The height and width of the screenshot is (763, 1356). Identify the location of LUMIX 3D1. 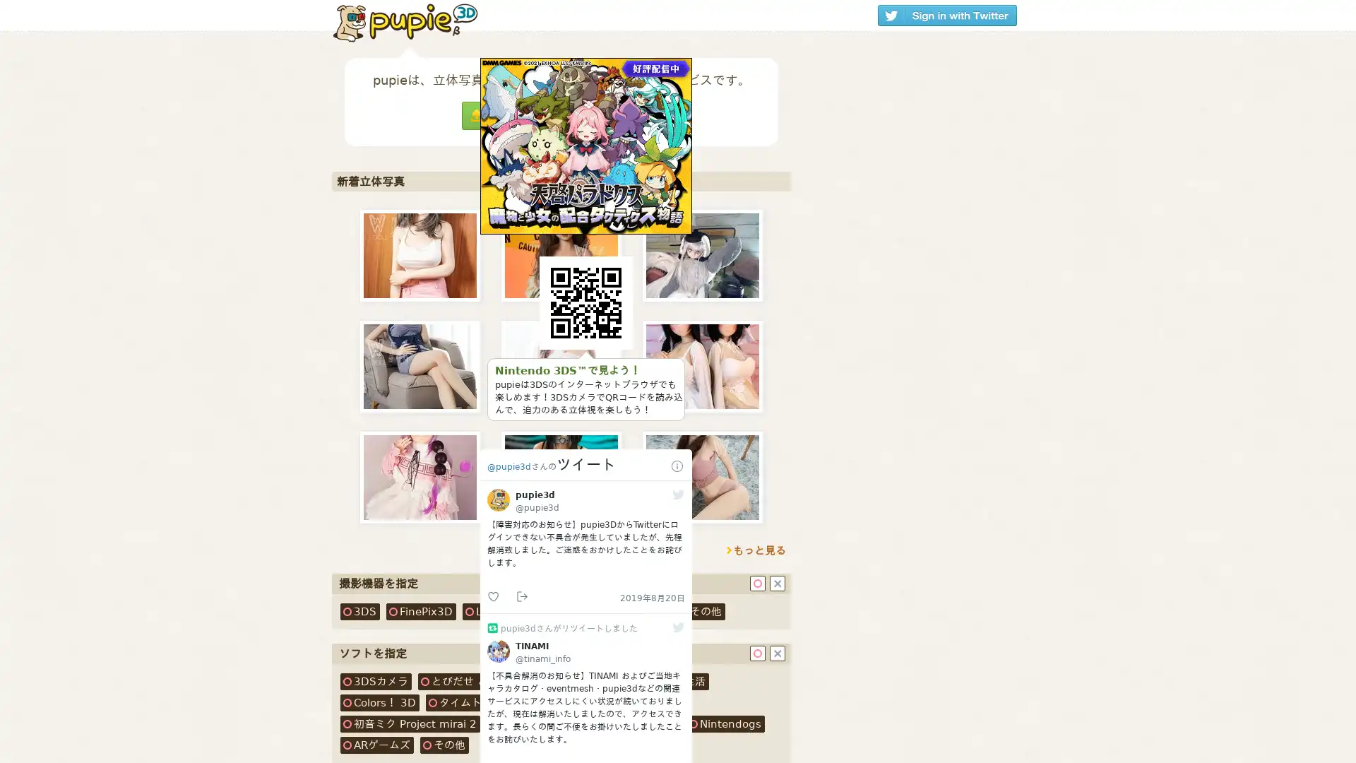
(500, 611).